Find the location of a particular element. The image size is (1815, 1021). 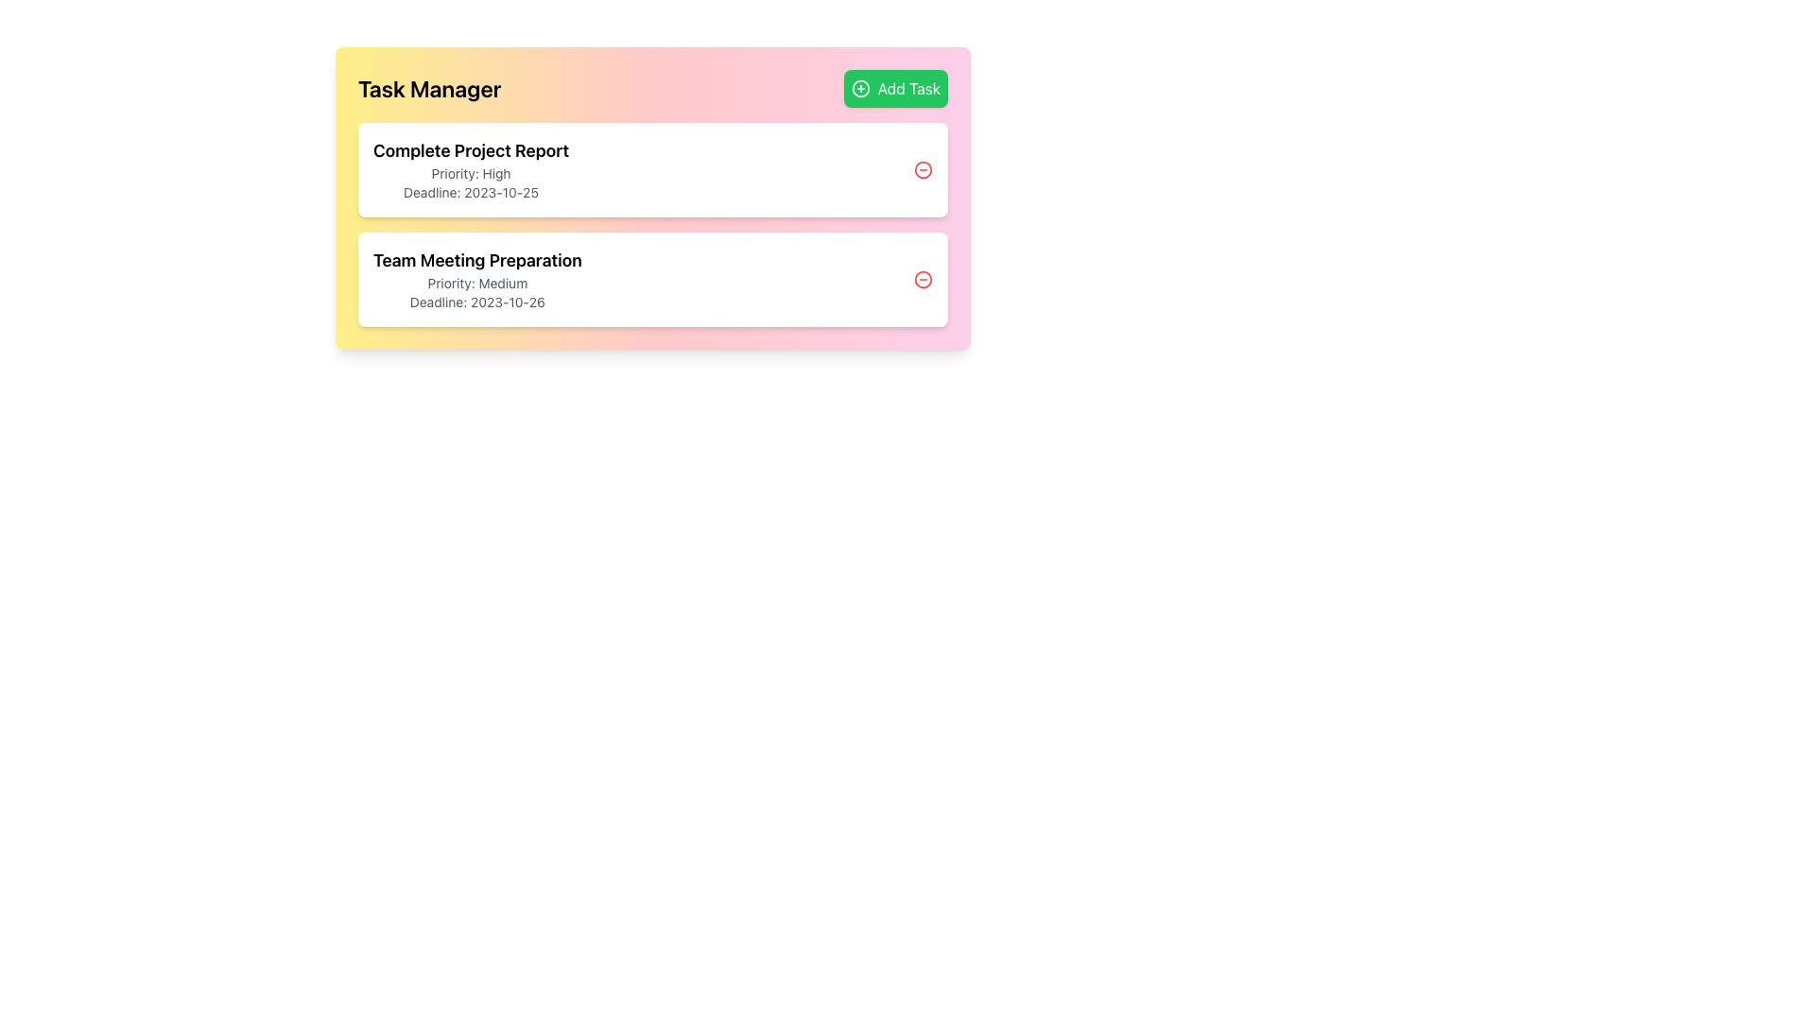

the decorative SVG circle that symbolizes the 'Add Task' action within the green button located in the top-right corner of the task manager header is located at coordinates (859, 88).